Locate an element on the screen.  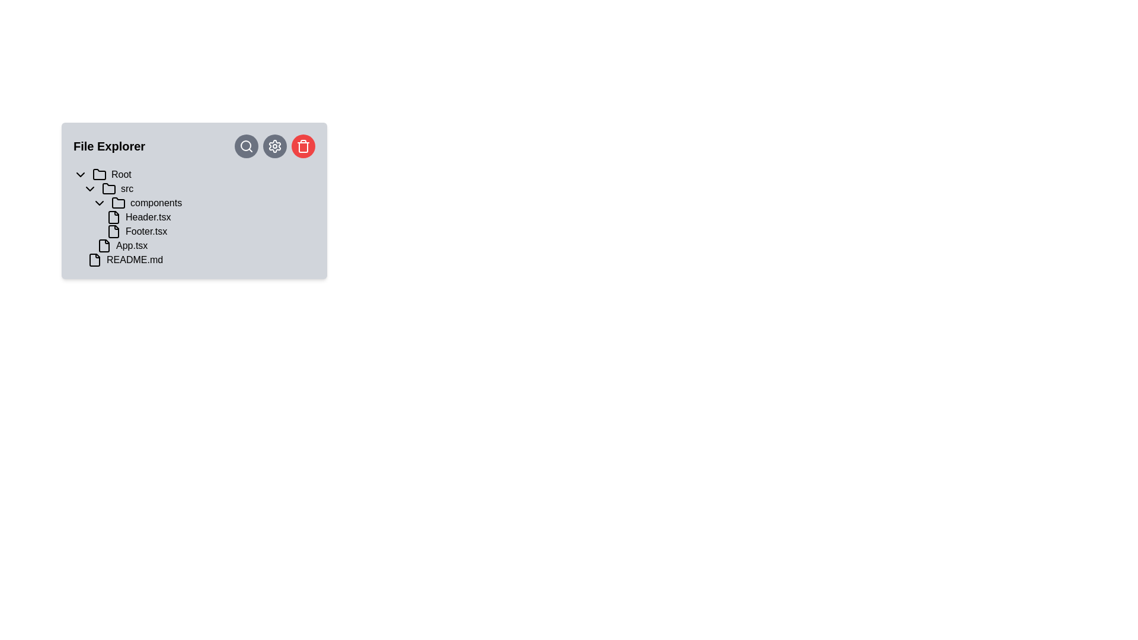
the file icon resembling a file symbol, located immediately to the left of the text 'App.tsx' is located at coordinates (104, 245).